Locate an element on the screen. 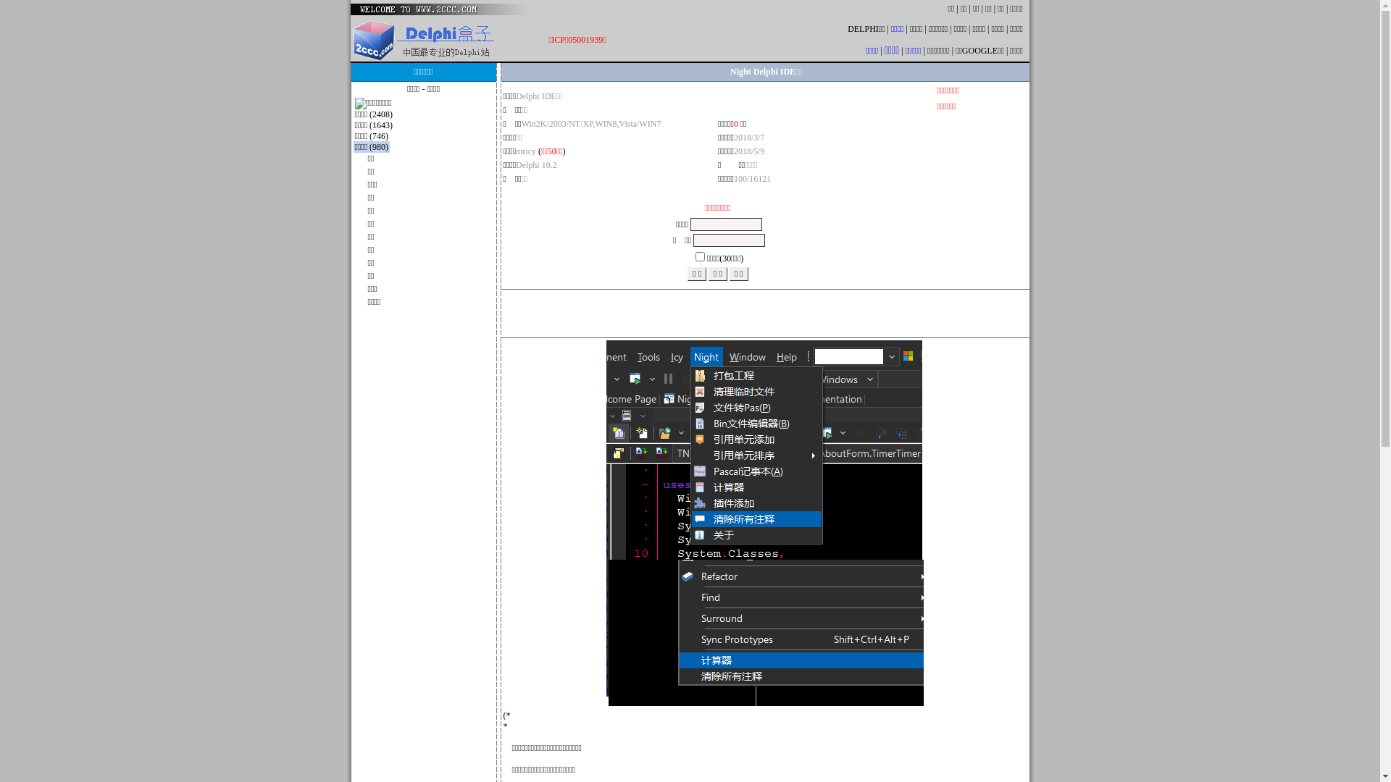 This screenshot has height=782, width=1391. 'mricy' is located at coordinates (525, 151).